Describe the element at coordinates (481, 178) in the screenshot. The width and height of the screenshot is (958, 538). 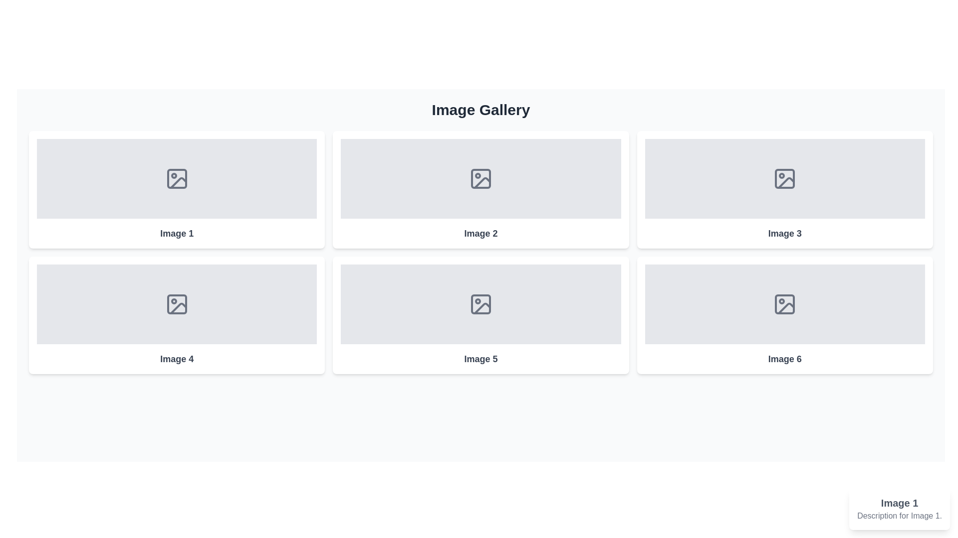
I see `the Background Rectangle within the image icon of the second item in the top row of the 'Image Gallery' grid layout` at that location.